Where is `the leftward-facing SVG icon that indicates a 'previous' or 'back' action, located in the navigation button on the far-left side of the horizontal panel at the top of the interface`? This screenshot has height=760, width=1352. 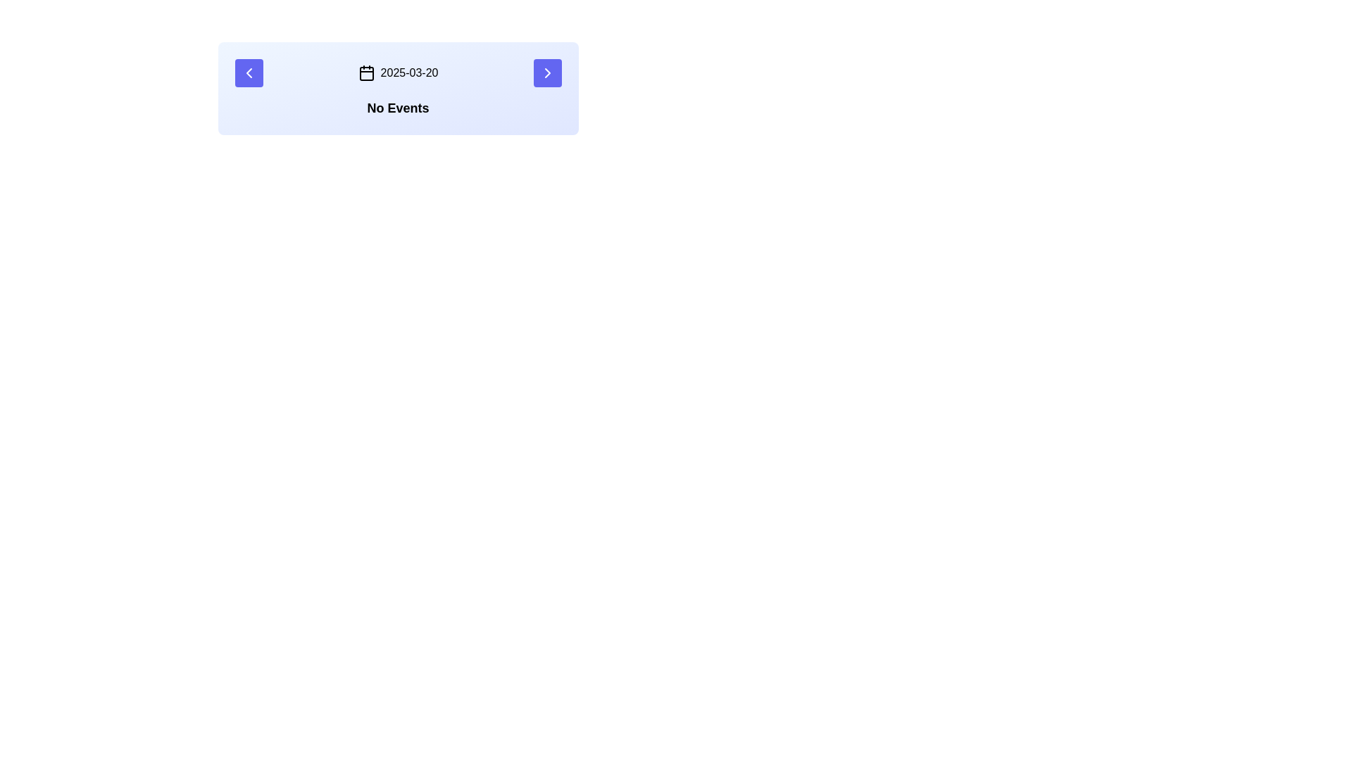
the leftward-facing SVG icon that indicates a 'previous' or 'back' action, located in the navigation button on the far-left side of the horizontal panel at the top of the interface is located at coordinates (249, 73).